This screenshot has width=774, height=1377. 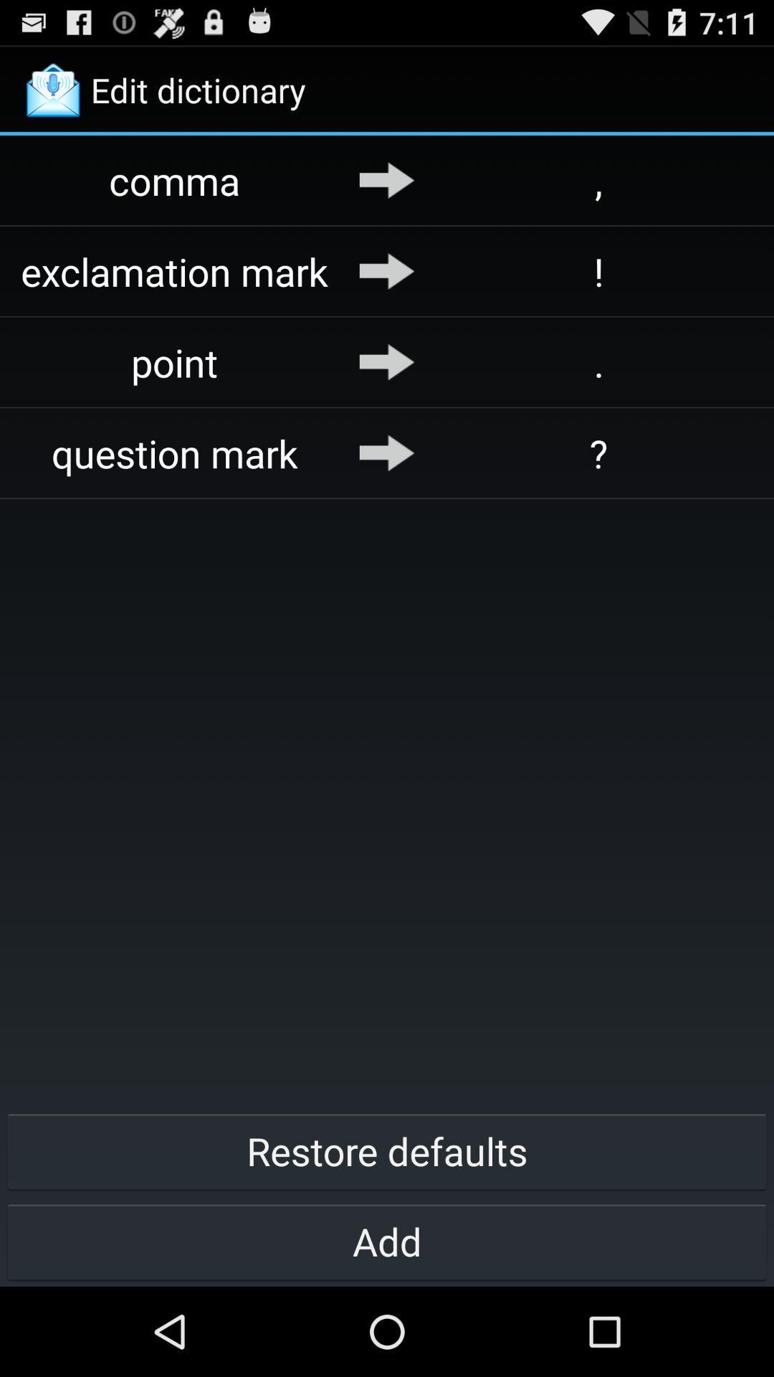 I want to click on comma app, so click(x=174, y=179).